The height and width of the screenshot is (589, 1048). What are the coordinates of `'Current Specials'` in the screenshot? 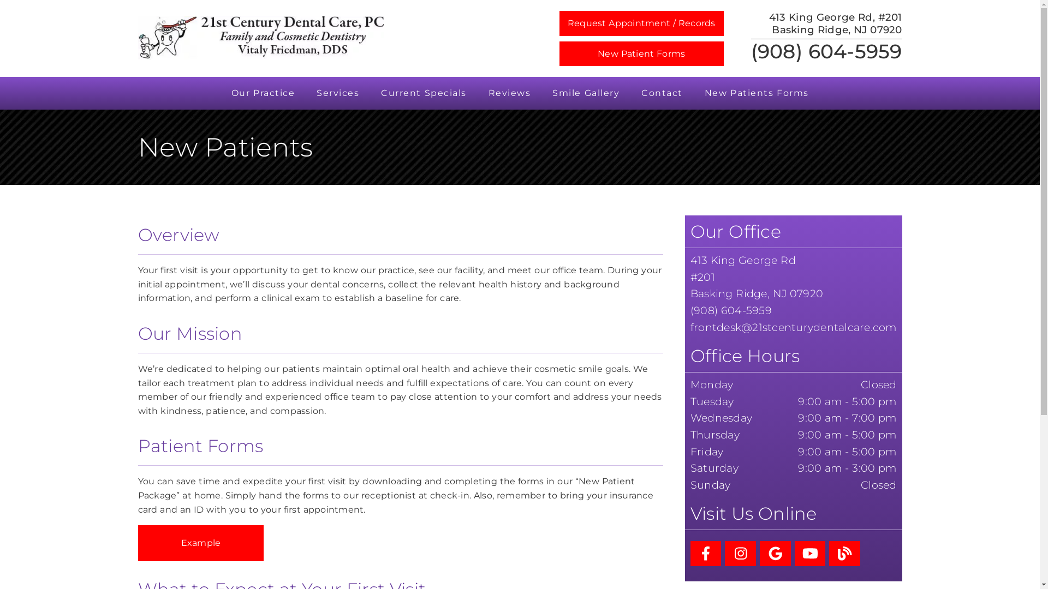 It's located at (423, 92).